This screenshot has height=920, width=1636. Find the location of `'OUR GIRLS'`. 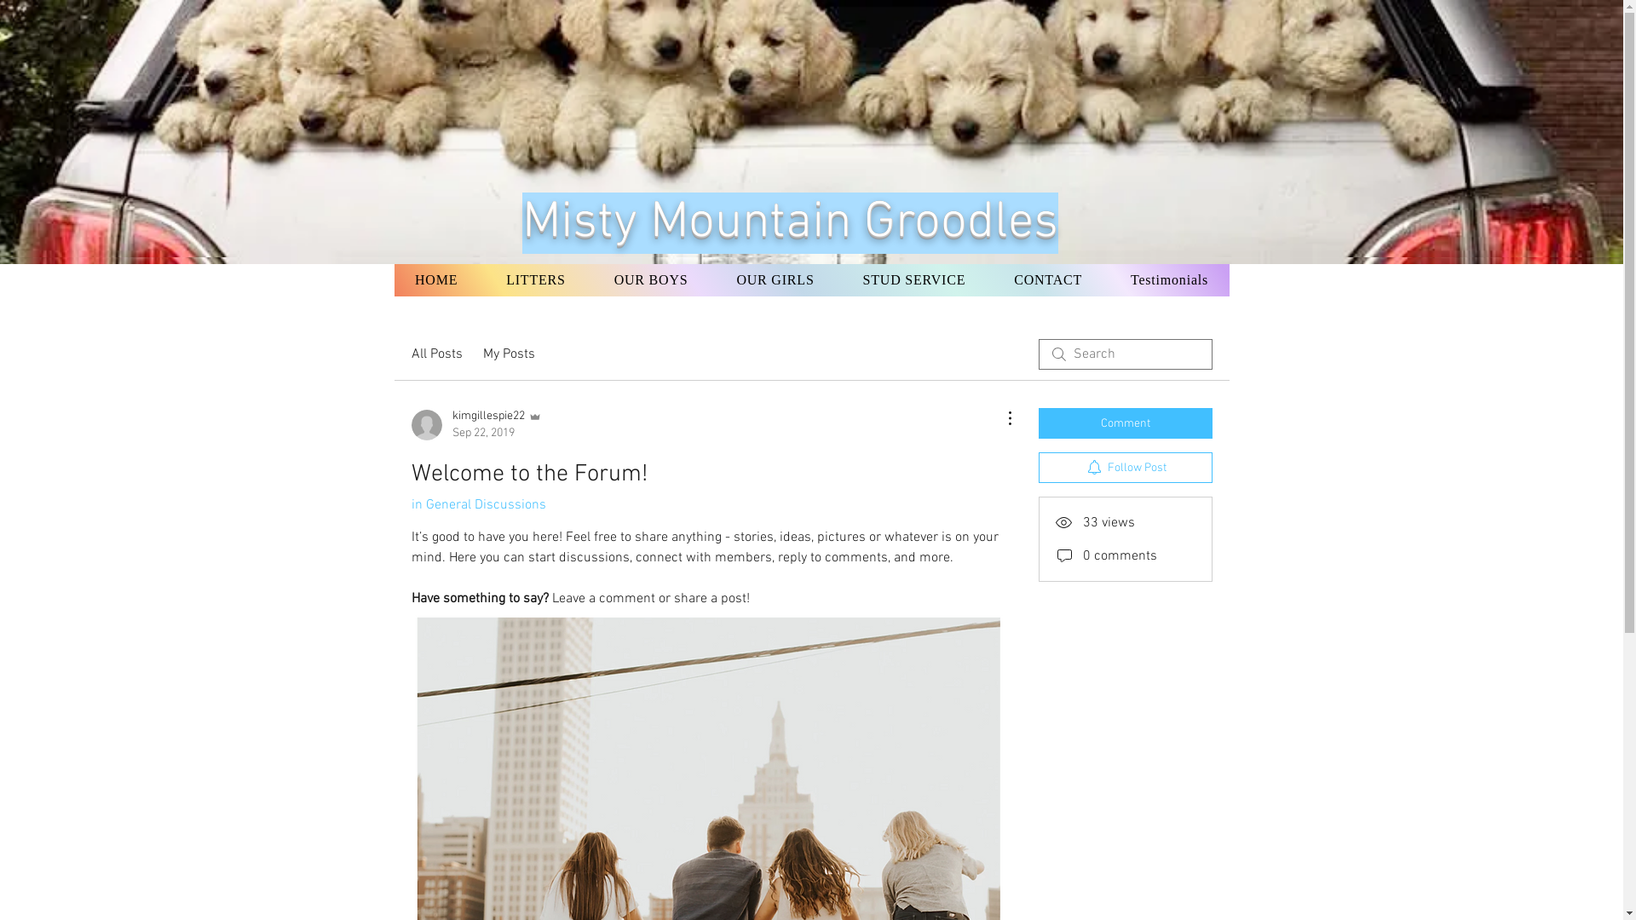

'OUR GIRLS' is located at coordinates (775, 279).